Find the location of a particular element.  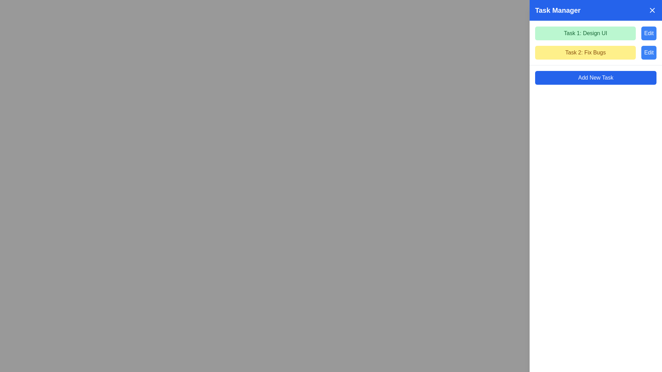

the close button, represented by a minimalist 'X' icon, located at the top-right corner of the blue header bar labeled 'Task Manager' is located at coordinates (652, 10).